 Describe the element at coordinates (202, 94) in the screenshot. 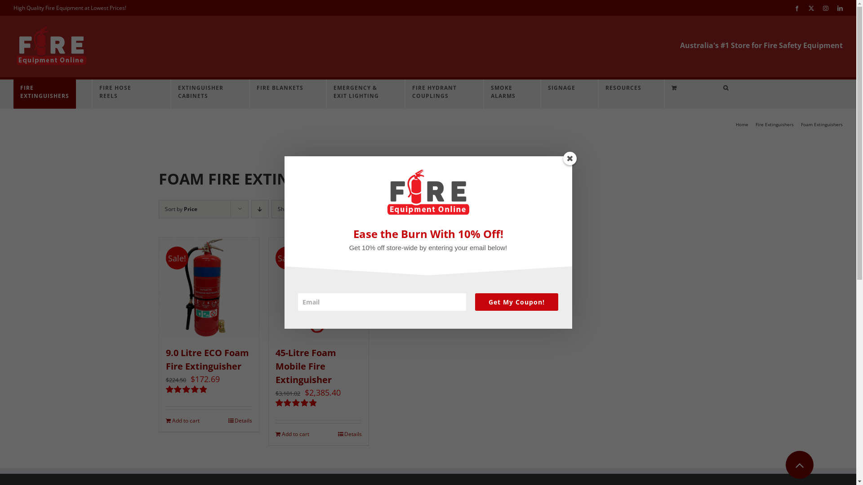

I see `'EXTINGUISHER CABINETS'` at that location.